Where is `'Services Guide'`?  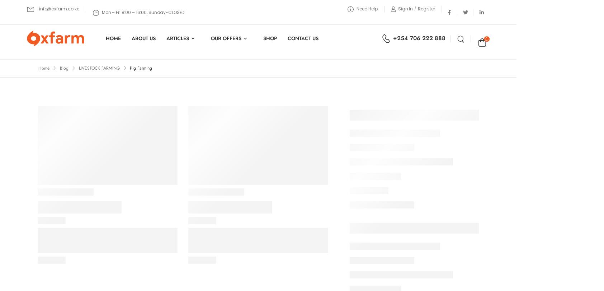 'Services Guide' is located at coordinates (223, 240).